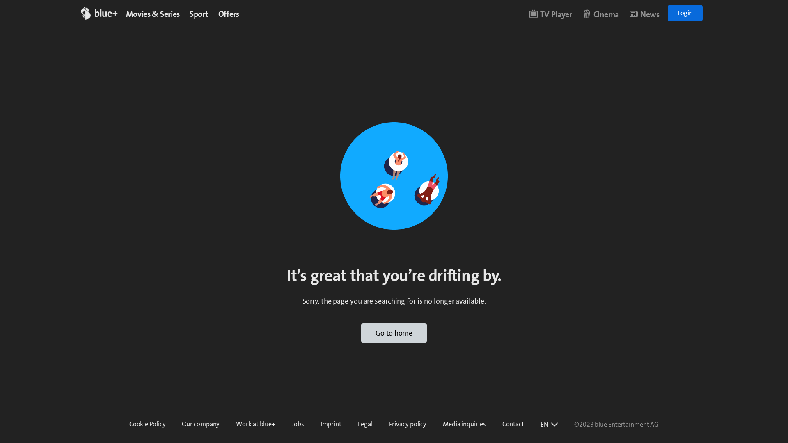 This screenshot has height=443, width=788. I want to click on 'Login', so click(668, 13).